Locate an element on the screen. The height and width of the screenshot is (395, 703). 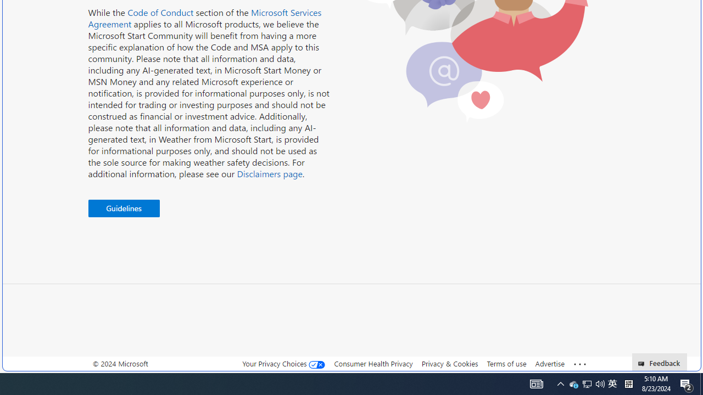
'Consumer Health Privacy' is located at coordinates (373, 363).